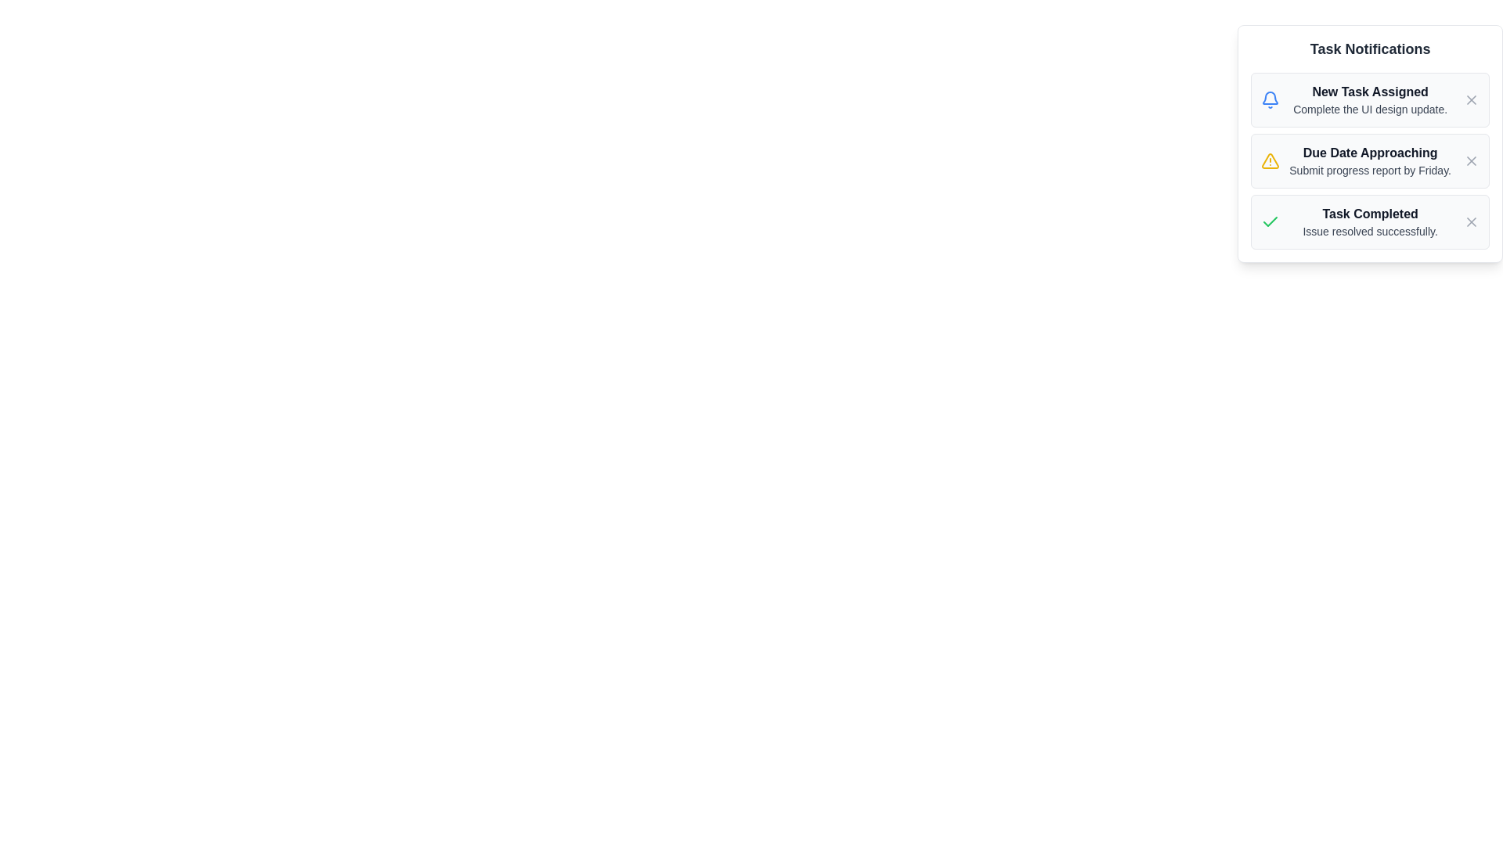 The height and width of the screenshot is (845, 1503). What do you see at coordinates (1369, 222) in the screenshot?
I see `the third notification item in the 'Task Notifications' section, which provides information about a completed task and is located between 'Due Date Approaching' and an interactive 'X' icon` at bounding box center [1369, 222].